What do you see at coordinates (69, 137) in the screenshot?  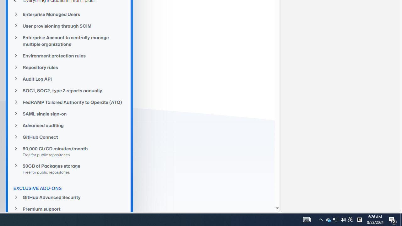 I see `'GitHub Connect'` at bounding box center [69, 137].